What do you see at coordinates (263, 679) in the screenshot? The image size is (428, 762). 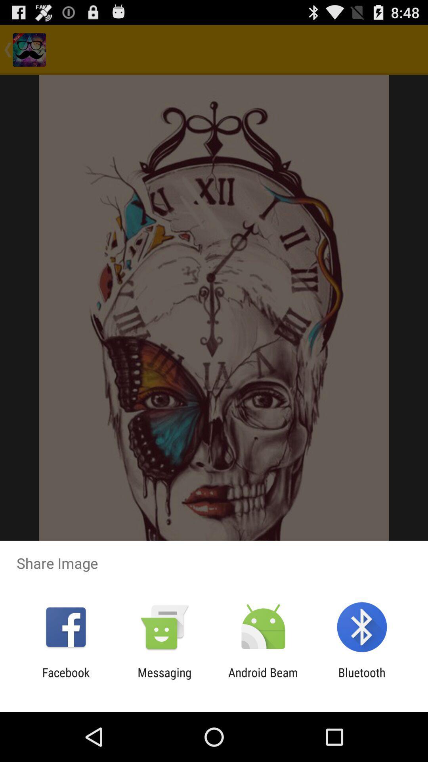 I see `app to the right of messaging item` at bounding box center [263, 679].